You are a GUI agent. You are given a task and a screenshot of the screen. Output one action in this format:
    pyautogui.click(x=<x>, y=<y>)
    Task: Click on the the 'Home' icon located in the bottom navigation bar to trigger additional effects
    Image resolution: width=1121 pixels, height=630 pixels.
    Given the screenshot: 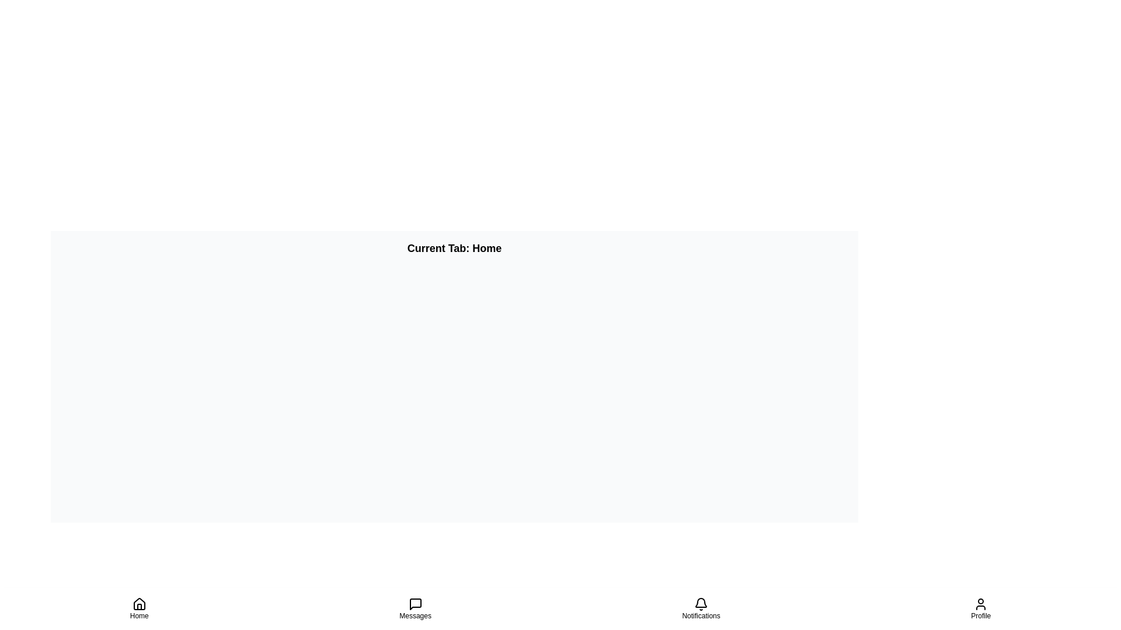 What is the action you would take?
    pyautogui.click(x=139, y=604)
    